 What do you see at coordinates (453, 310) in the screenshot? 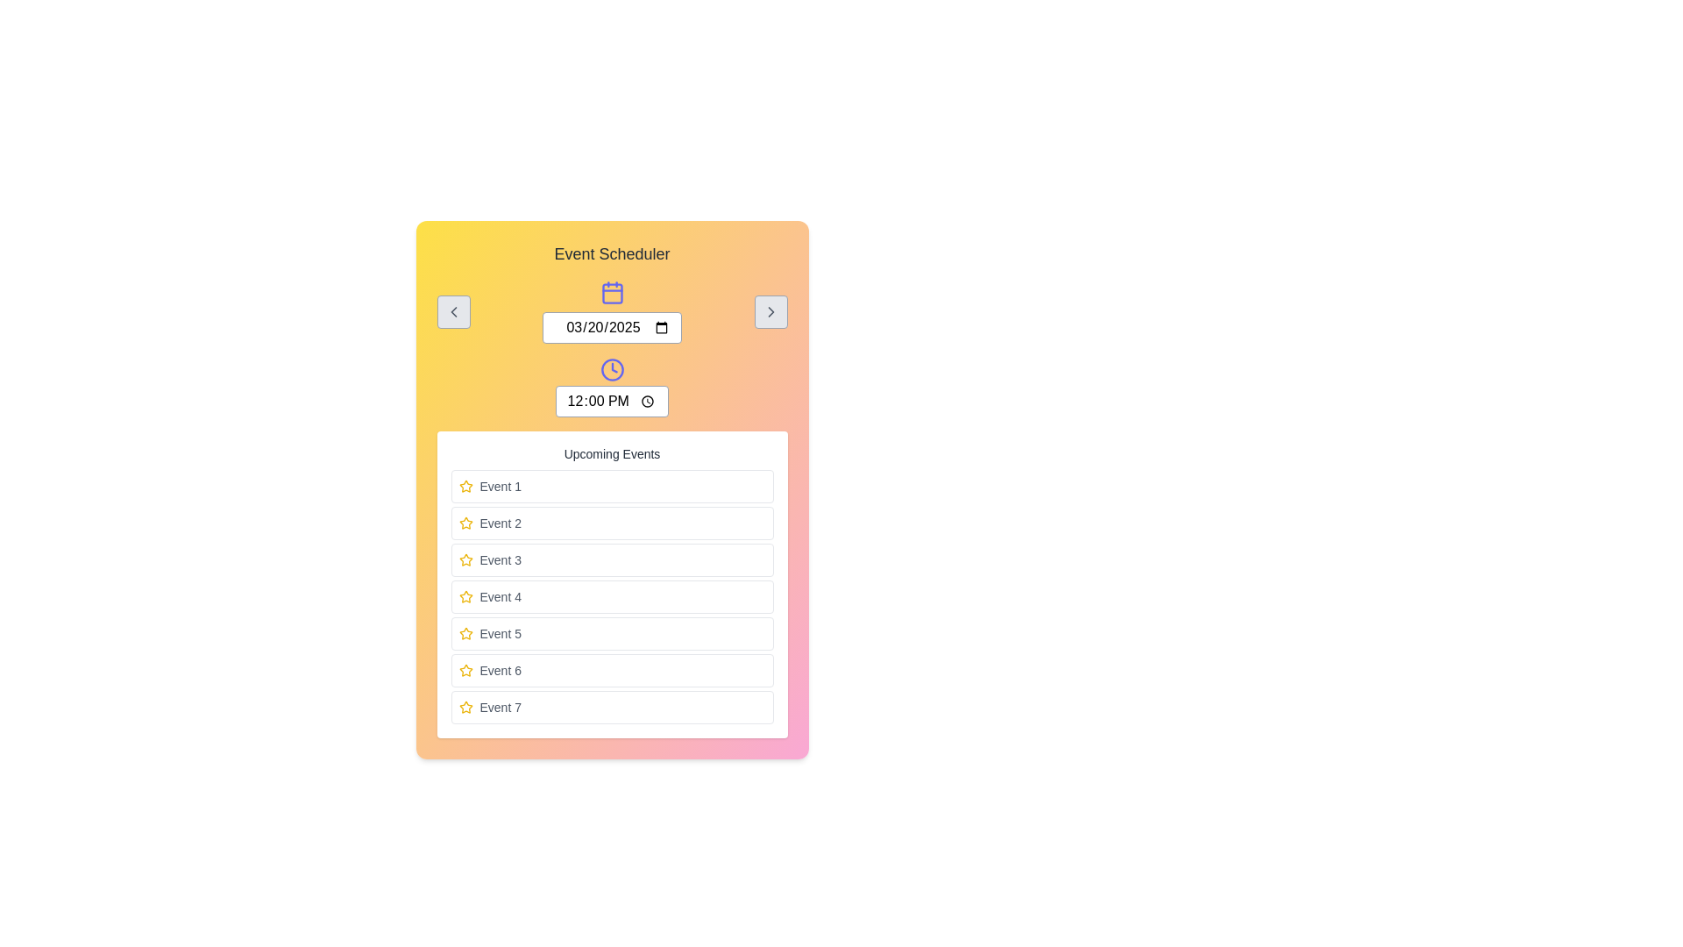
I see `the left-pointing chevron icon (class 'lucide-chevron-left')` at bounding box center [453, 310].